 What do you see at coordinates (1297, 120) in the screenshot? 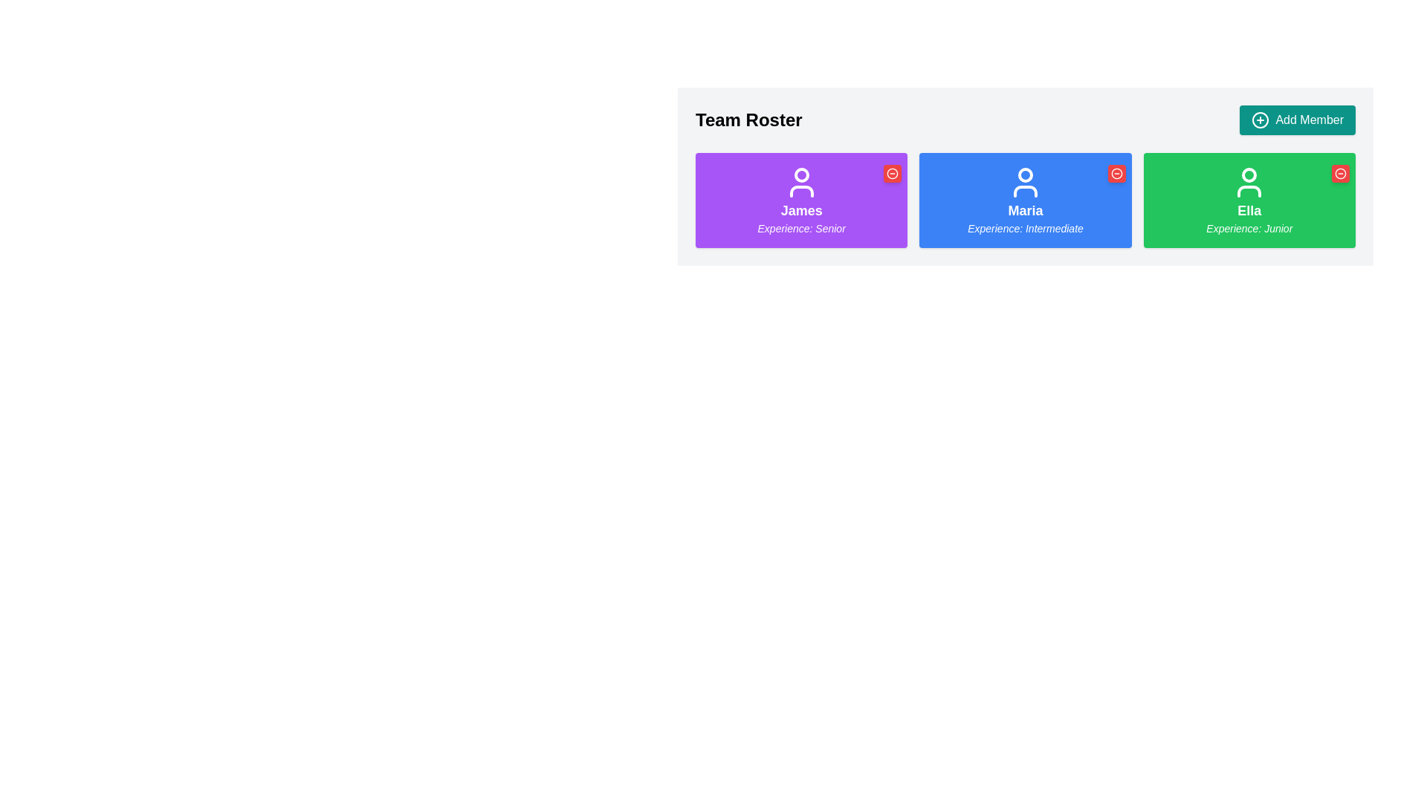
I see `the button located on the far right side of the 'Team Roster' header` at bounding box center [1297, 120].